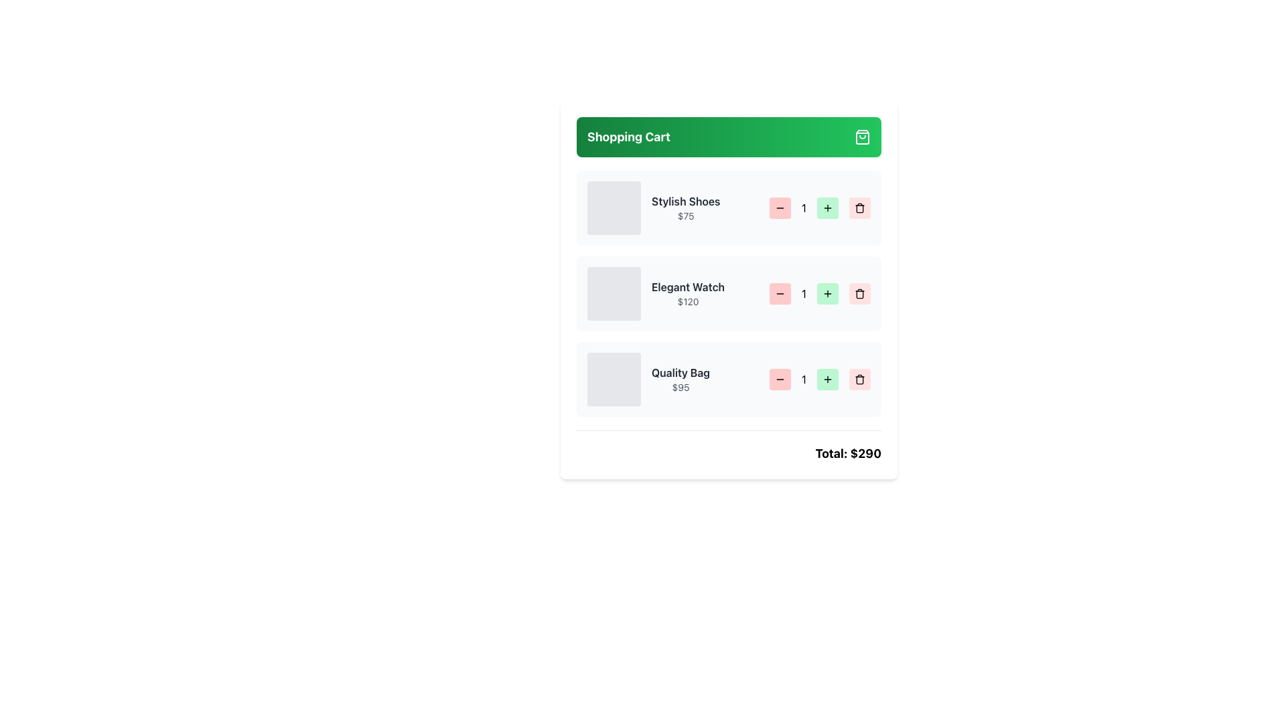  I want to click on the numeric label displaying the value '1' which is centrally positioned between the decrement and increment buttons in the shopping cart item component, so click(804, 380).